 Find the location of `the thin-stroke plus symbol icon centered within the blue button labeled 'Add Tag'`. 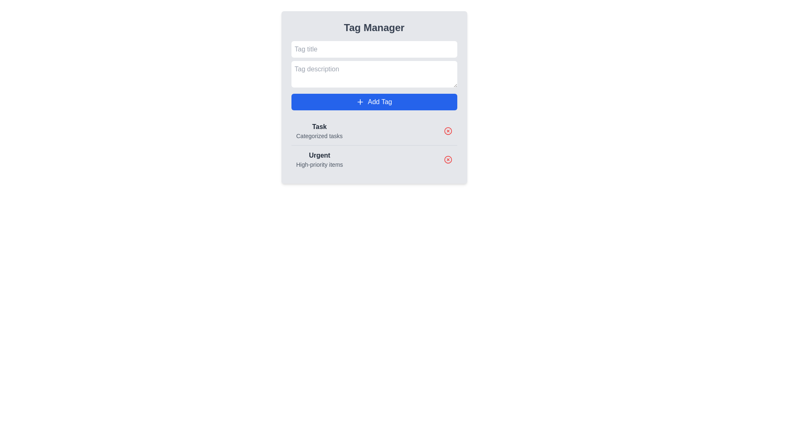

the thin-stroke plus symbol icon centered within the blue button labeled 'Add Tag' is located at coordinates (360, 102).